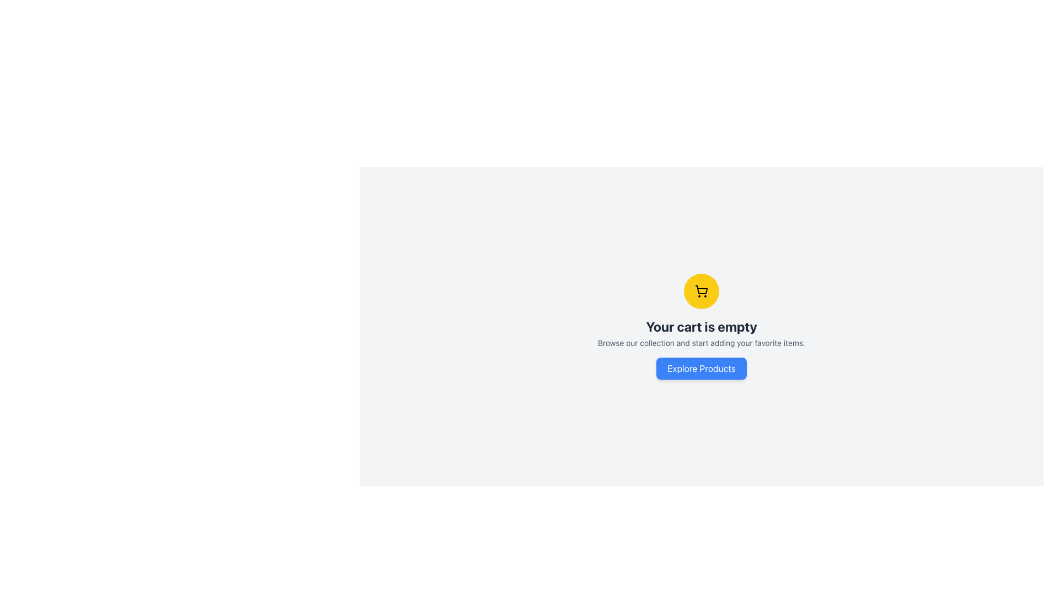 This screenshot has height=596, width=1059. Describe the element at coordinates (701, 368) in the screenshot. I see `the button located below the text 'Your cart is empty' and 'Browse our collection and start adding your favorite items.'` at that location.